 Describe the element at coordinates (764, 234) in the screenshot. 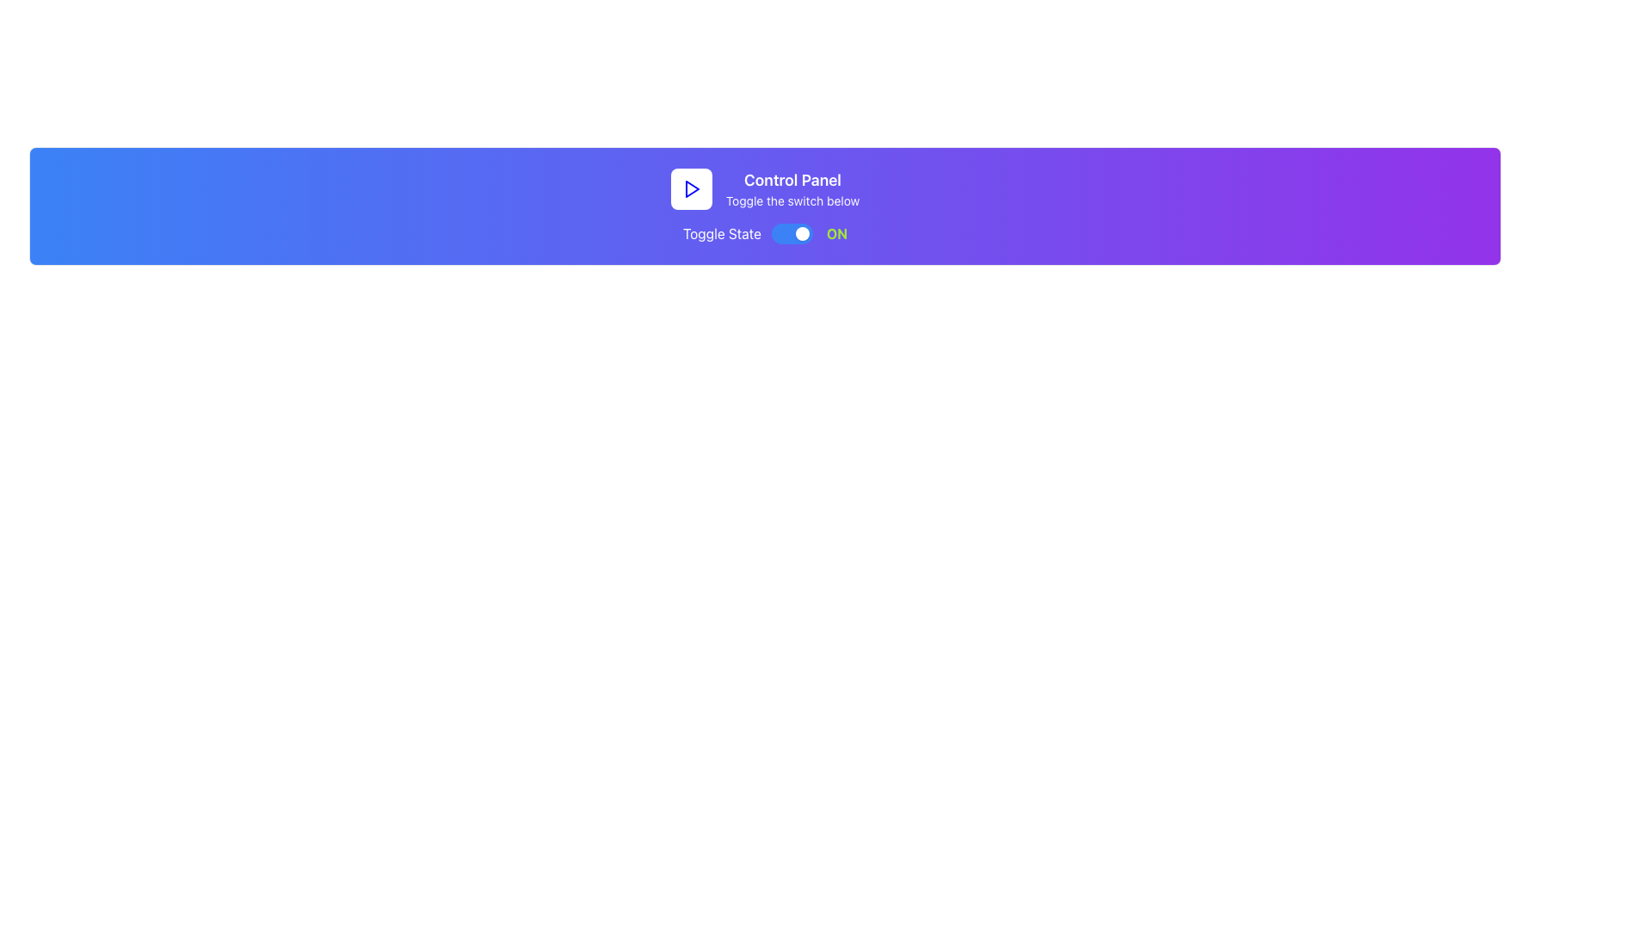

I see `the toggle switch in the 'Control Panel' section under the text 'Toggle the switch below'` at that location.